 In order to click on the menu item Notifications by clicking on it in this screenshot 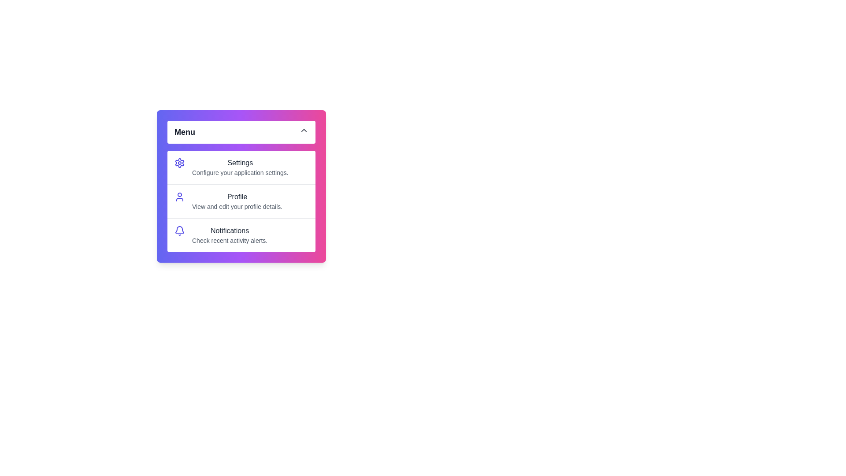, I will do `click(241, 234)`.